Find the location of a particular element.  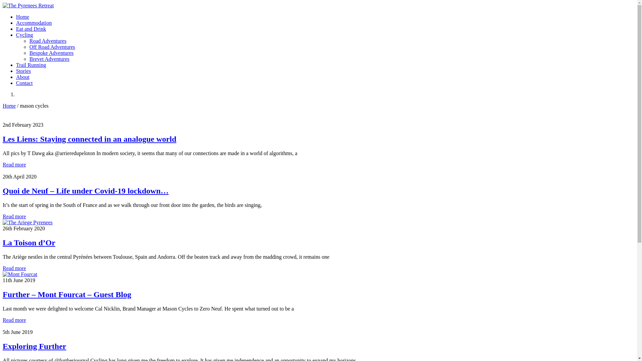

'Brevet Adventures' is located at coordinates (49, 58).